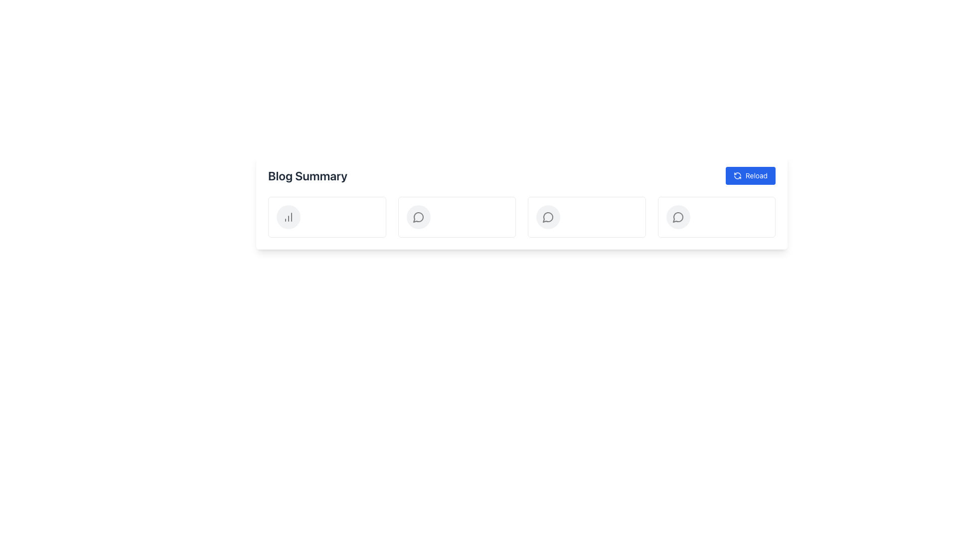  What do you see at coordinates (418, 216) in the screenshot?
I see `the circular speech bubble icon located in the second box below the 'Blog Summary' header` at bounding box center [418, 216].